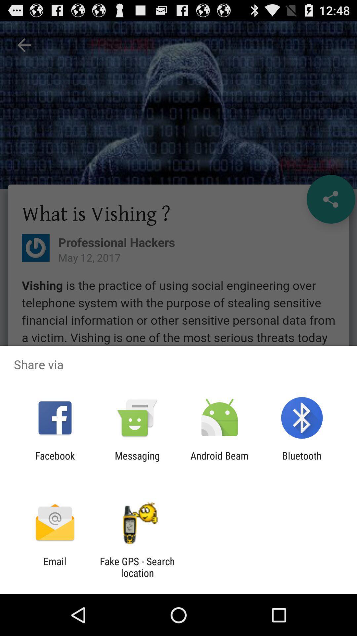 Image resolution: width=357 pixels, height=636 pixels. Describe the element at coordinates (137, 567) in the screenshot. I see `fake gps search item` at that location.